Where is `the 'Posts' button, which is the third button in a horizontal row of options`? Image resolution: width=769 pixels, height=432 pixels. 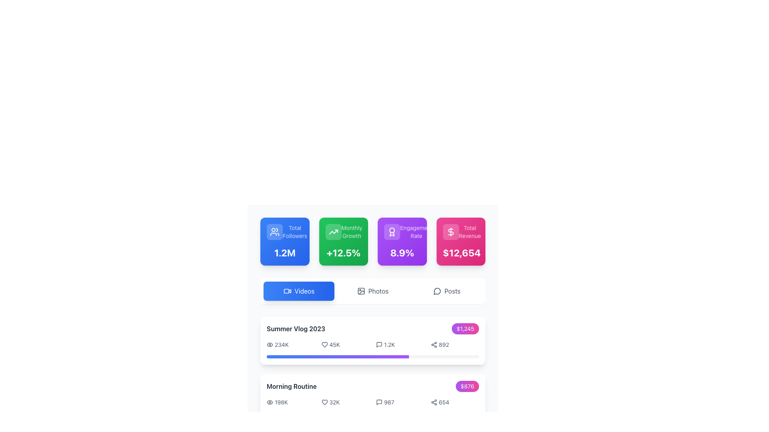 the 'Posts' button, which is the third button in a horizontal row of options is located at coordinates (446, 291).